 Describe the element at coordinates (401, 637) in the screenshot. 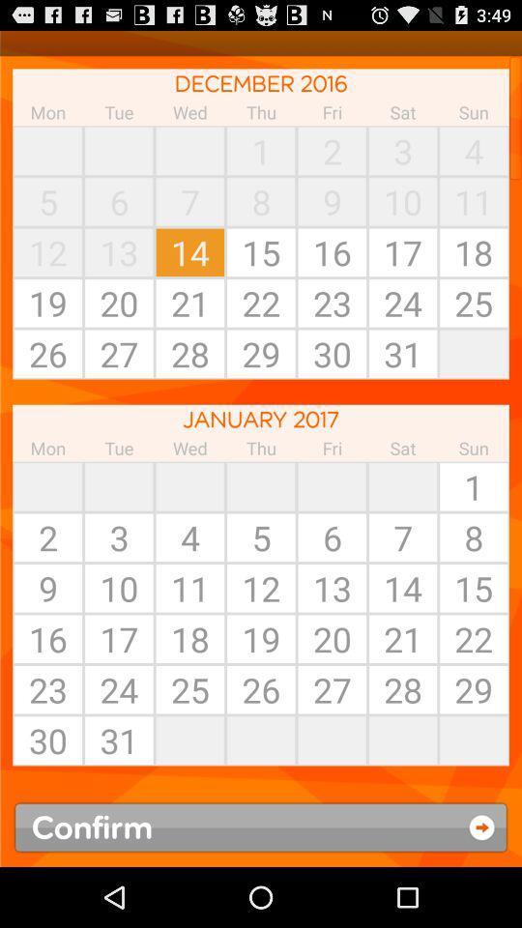

I see `the date 21 of january` at that location.